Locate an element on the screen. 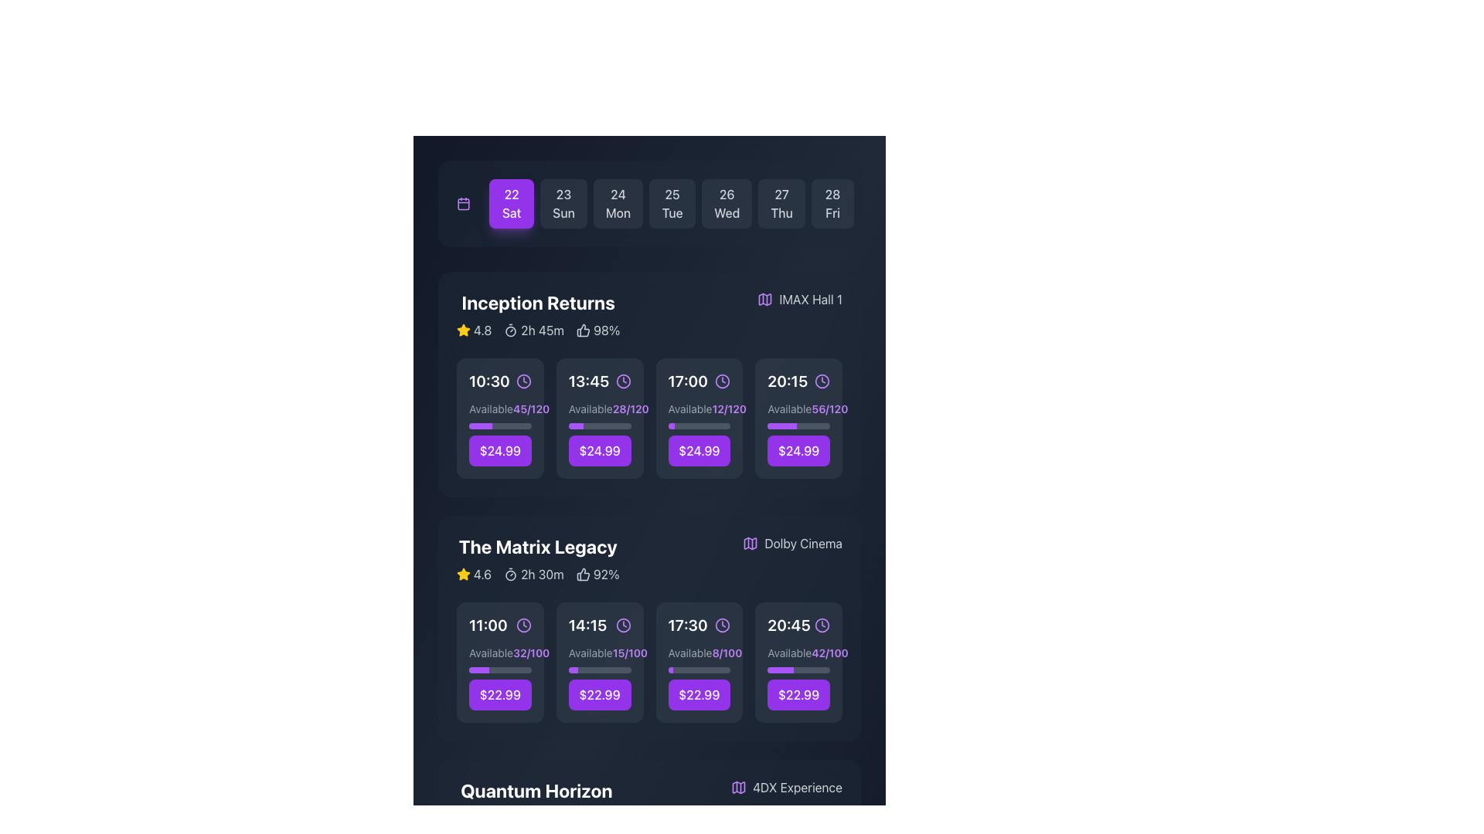 This screenshot has width=1484, height=834. the text element indicating seat availability for the '14:15' showtime of 'The Matrix Legacy', located in the second row of the showtime cards is located at coordinates (599, 653).